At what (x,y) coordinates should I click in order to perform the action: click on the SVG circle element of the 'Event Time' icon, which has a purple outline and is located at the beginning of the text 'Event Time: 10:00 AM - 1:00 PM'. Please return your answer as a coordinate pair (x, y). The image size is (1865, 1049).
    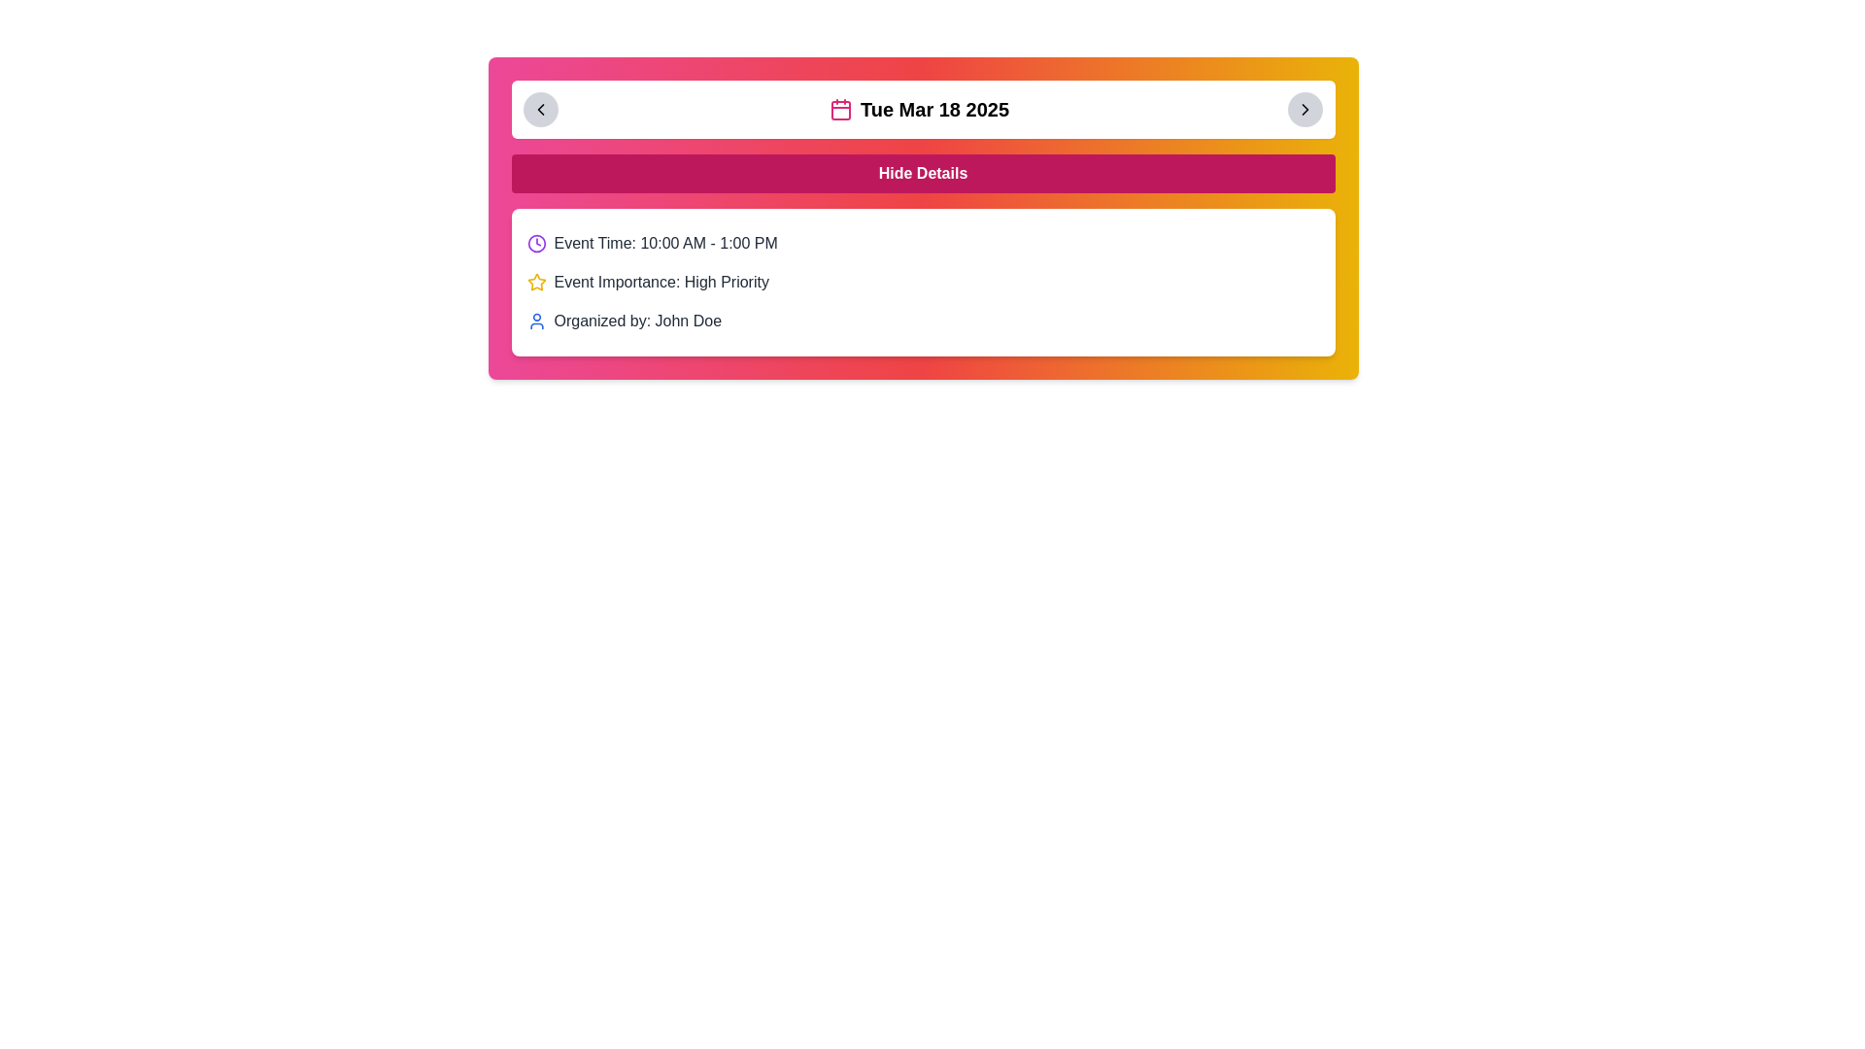
    Looking at the image, I should click on (536, 242).